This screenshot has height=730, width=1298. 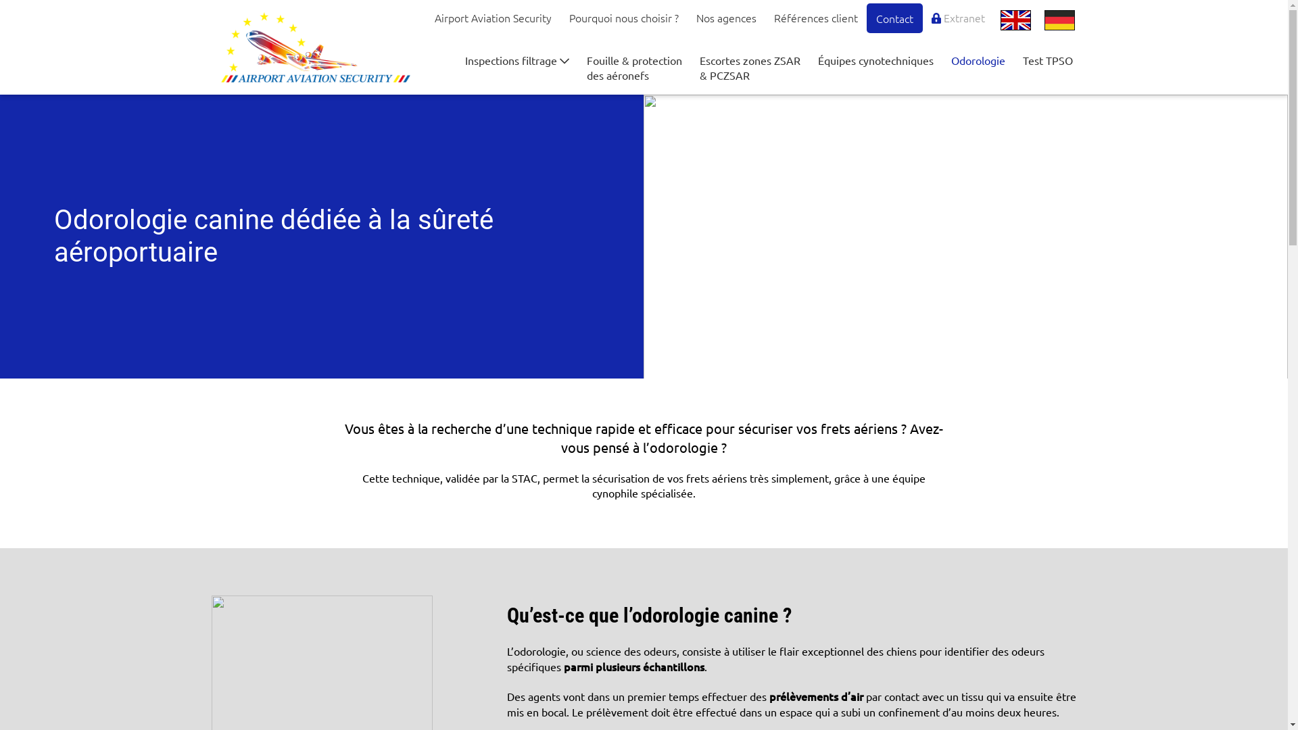 I want to click on 'Nos agences', so click(x=725, y=18).